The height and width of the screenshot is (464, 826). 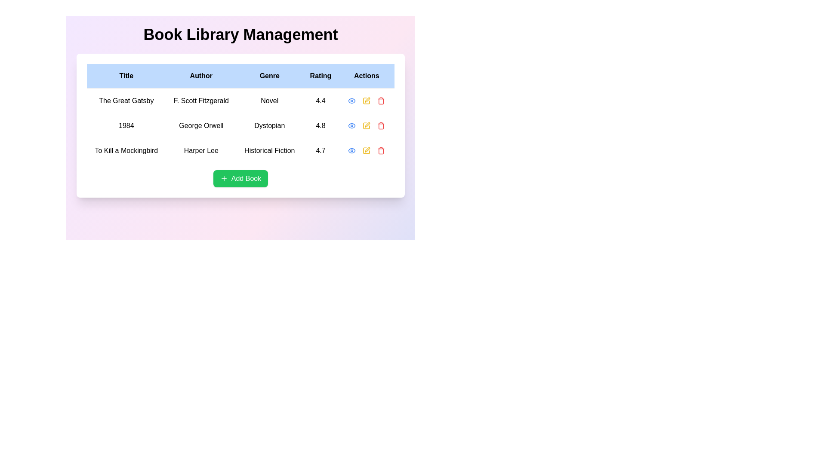 I want to click on the delete button icon for the book 'The Great Gatsby' located, so click(x=381, y=101).